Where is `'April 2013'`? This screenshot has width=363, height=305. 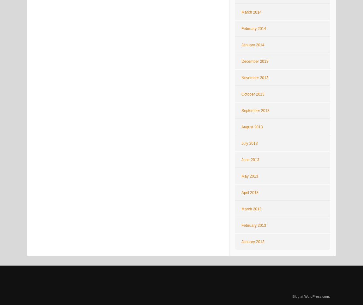
'April 2013' is located at coordinates (250, 193).